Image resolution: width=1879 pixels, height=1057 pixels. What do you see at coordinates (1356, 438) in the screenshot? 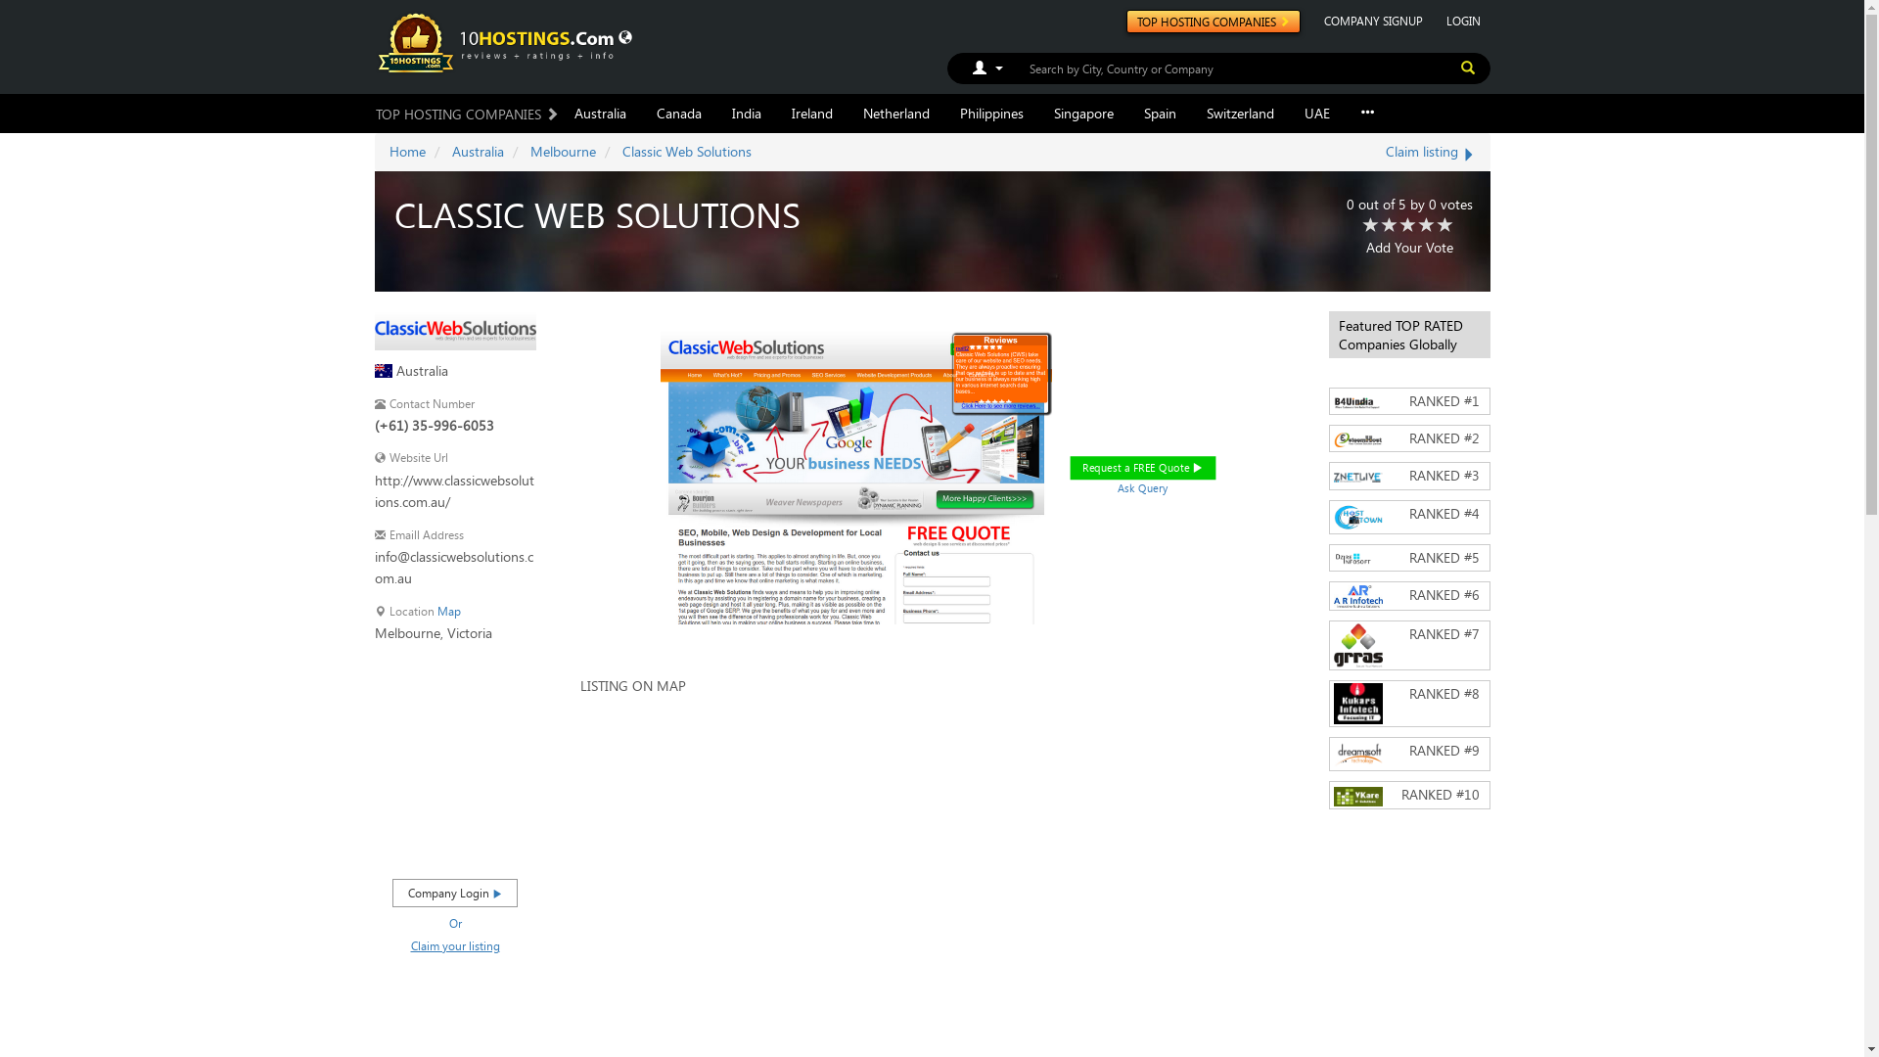
I see `'Esteem Host in Top 10 Best Hosting Company.'` at bounding box center [1356, 438].